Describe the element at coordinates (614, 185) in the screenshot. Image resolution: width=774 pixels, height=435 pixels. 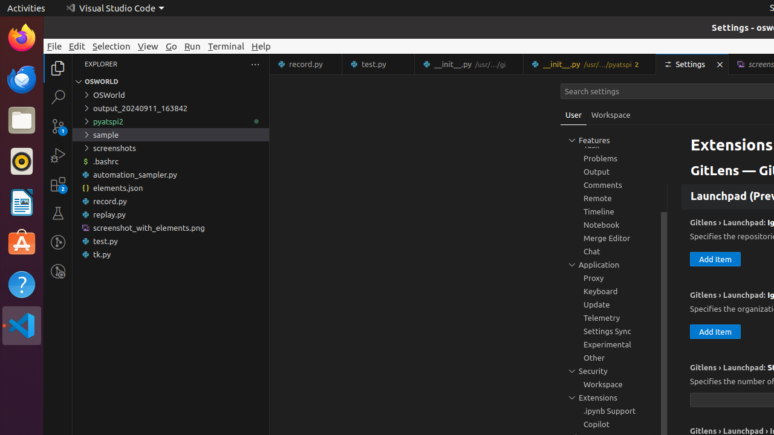
I see `'Comments, group'` at that location.